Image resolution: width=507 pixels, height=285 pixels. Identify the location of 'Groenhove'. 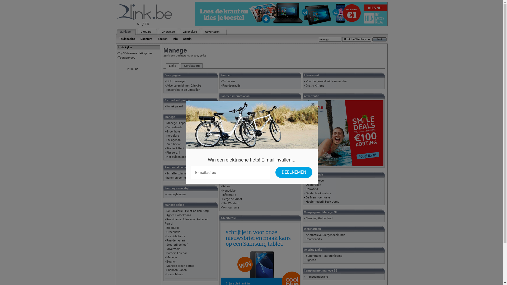
(173, 232).